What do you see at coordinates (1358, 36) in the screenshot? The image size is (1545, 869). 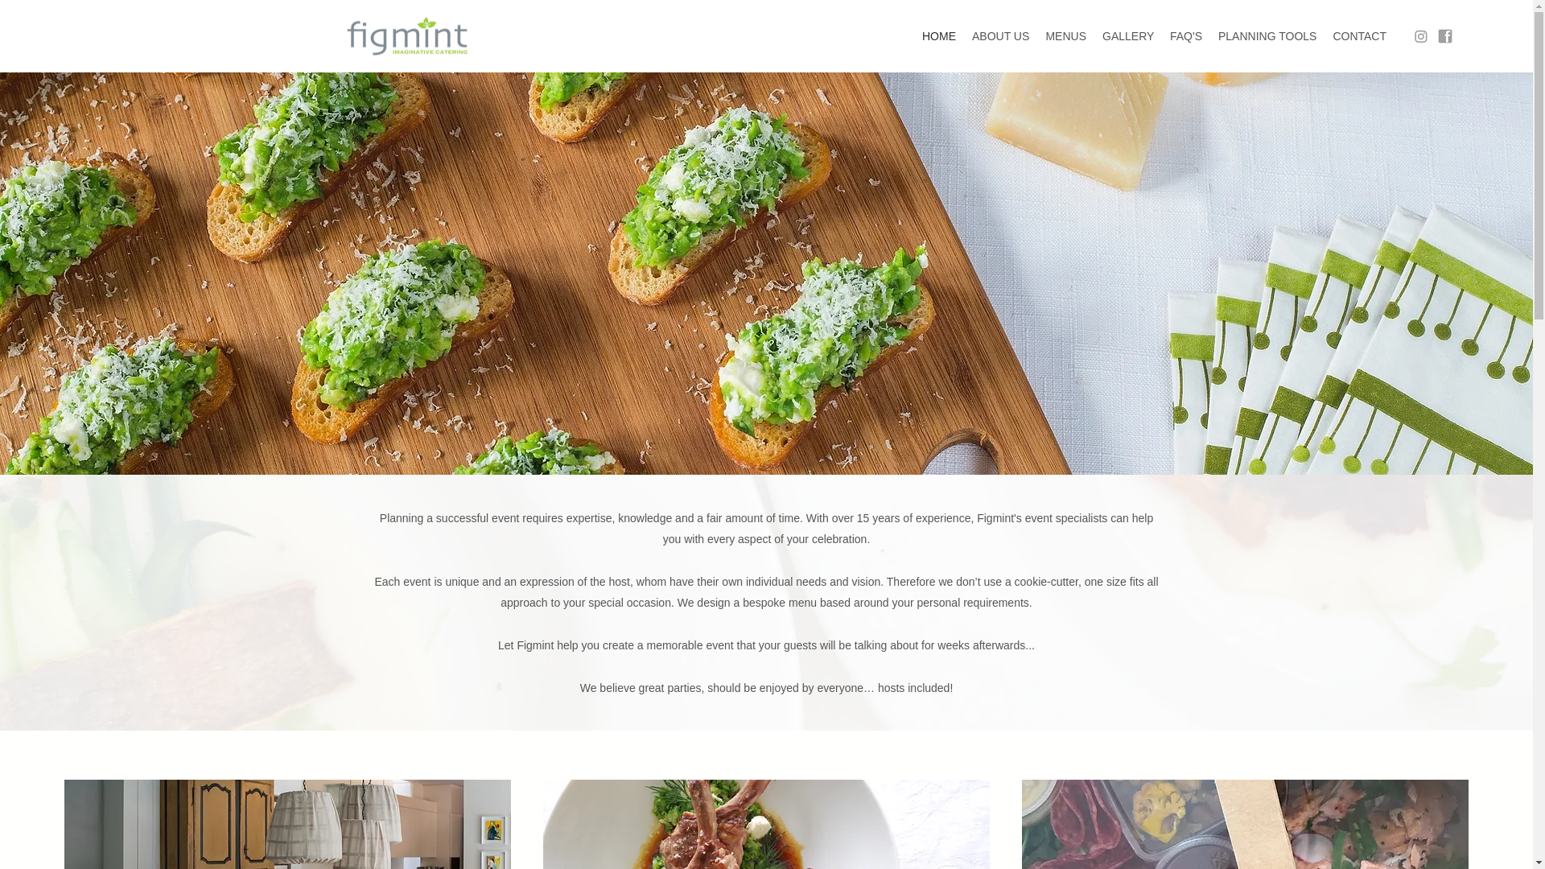 I see `'CONTACT'` at bounding box center [1358, 36].